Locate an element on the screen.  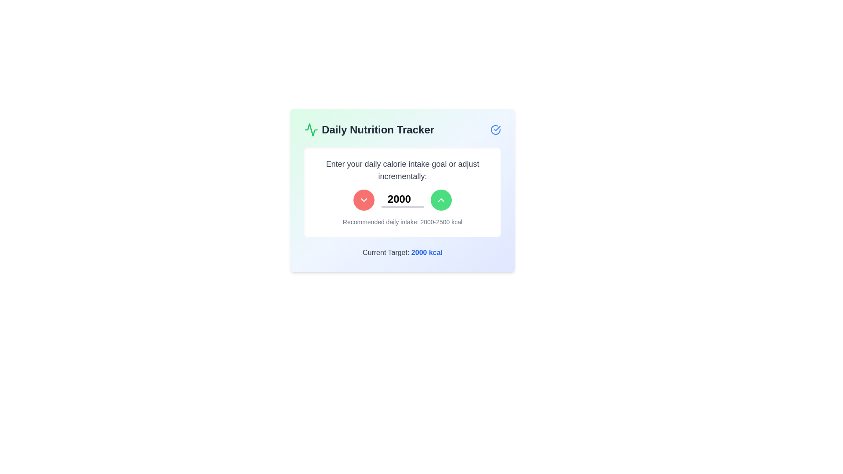
instructional text label that provides context for setting a daily calorie intake goal, located at the center of the element's bounding box is located at coordinates (402, 170).